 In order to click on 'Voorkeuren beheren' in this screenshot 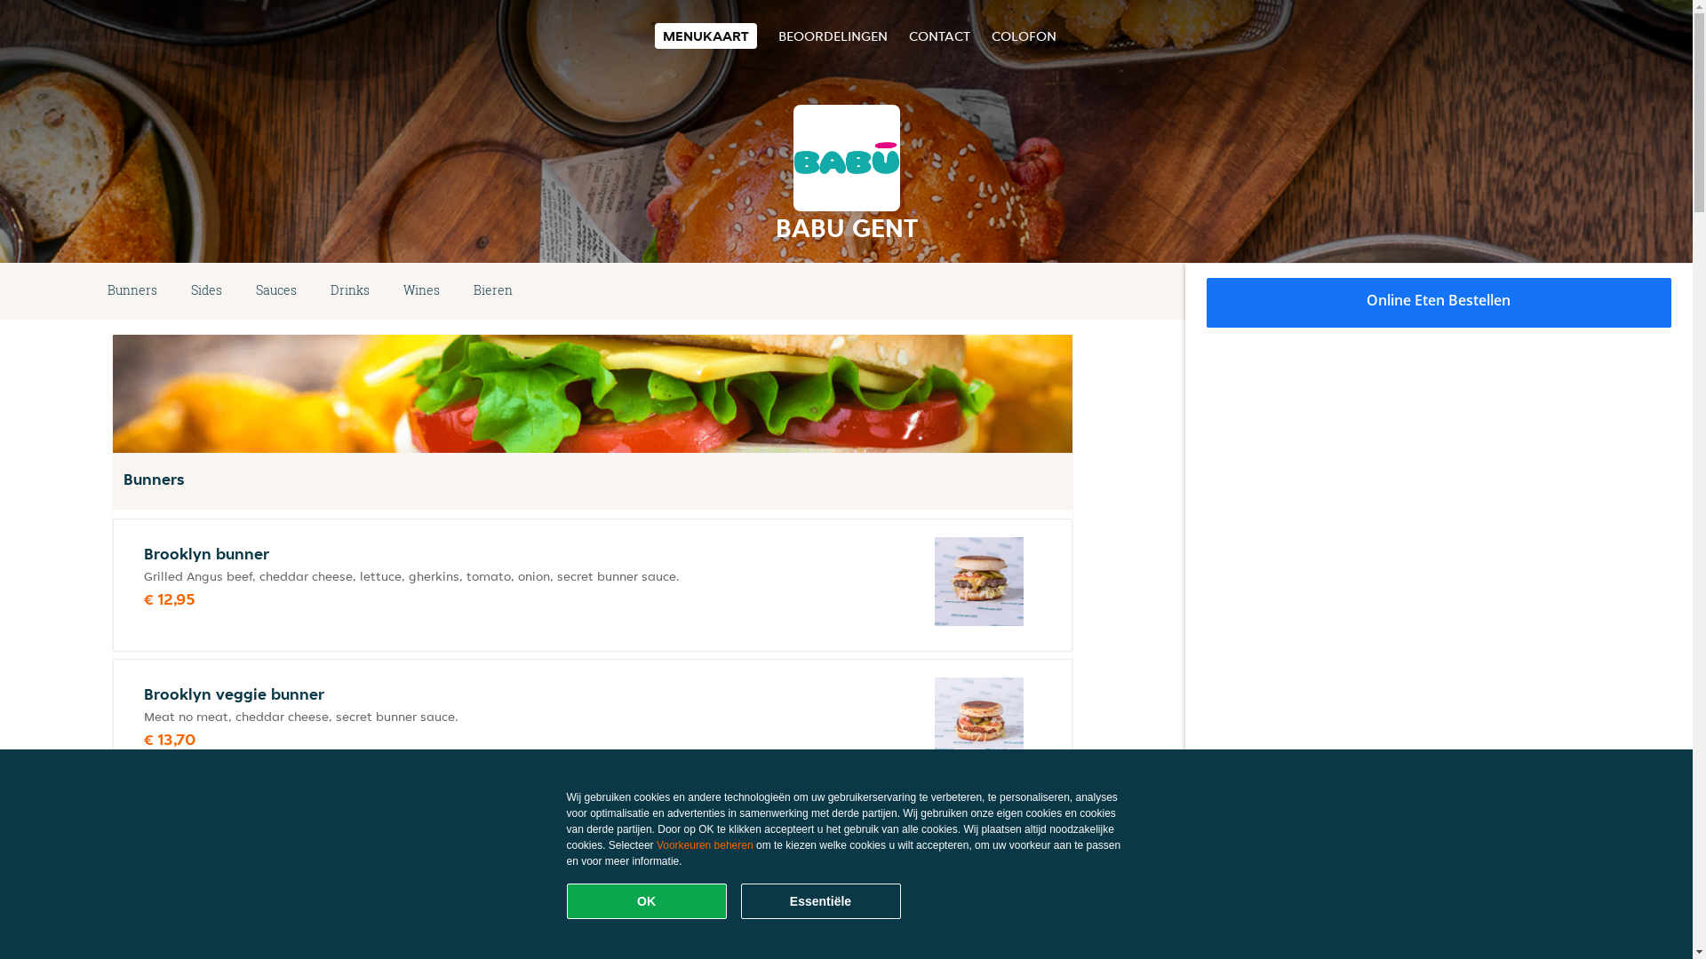, I will do `click(704, 844)`.